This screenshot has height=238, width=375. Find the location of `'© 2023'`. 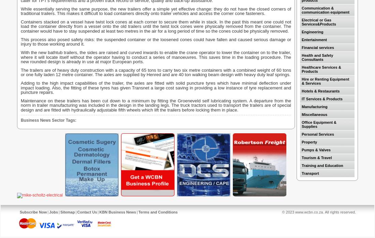

'© 2023' is located at coordinates (288, 212).